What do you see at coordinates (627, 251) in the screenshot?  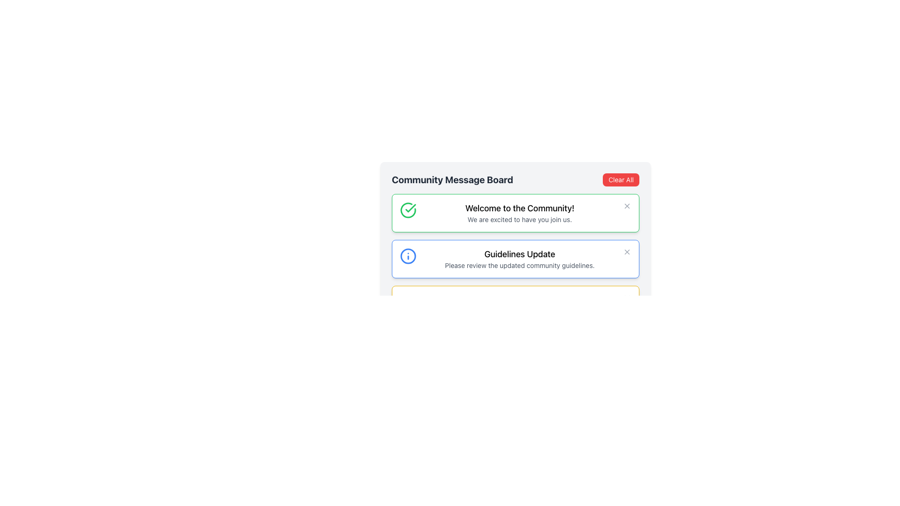 I see `the close button styled as a gray-bordered 'X' symbol located at the top-right corner of the card titled 'Guidelines Update'` at bounding box center [627, 251].